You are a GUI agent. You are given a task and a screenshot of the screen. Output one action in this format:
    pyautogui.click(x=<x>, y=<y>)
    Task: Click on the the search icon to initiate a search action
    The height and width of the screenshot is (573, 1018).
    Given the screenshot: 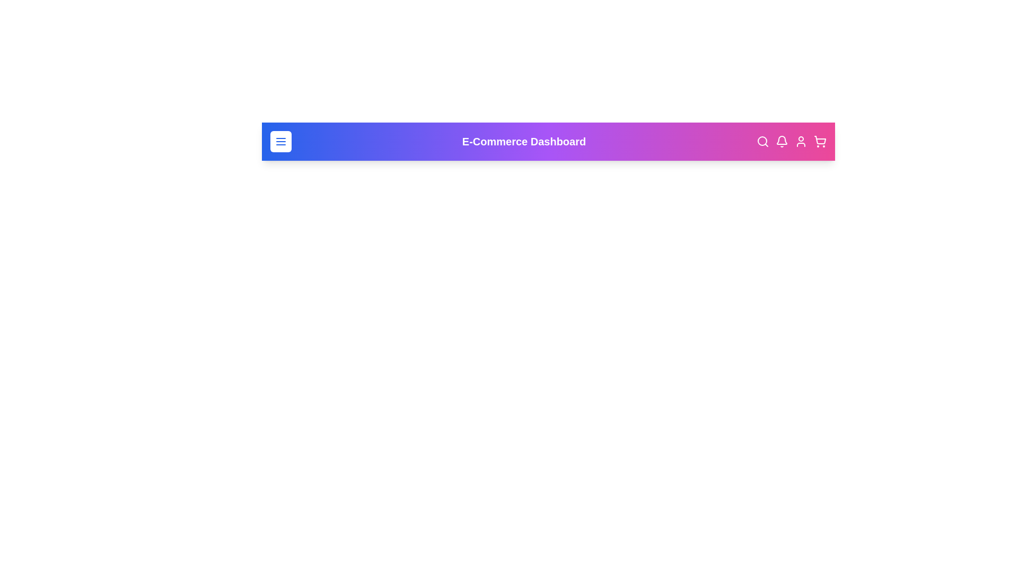 What is the action you would take?
    pyautogui.click(x=762, y=141)
    